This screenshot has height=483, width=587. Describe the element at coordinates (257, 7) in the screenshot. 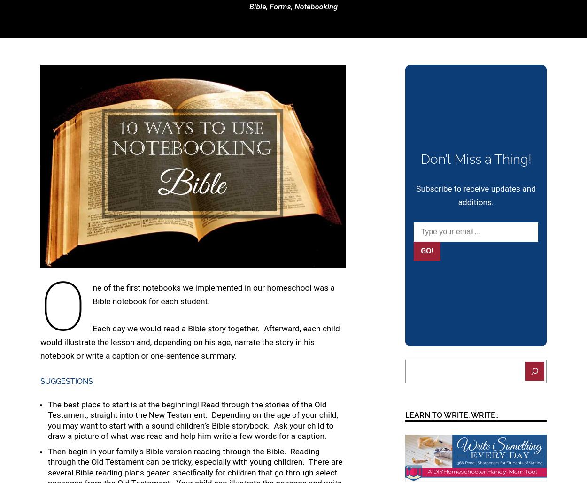

I see `'Bible'` at that location.